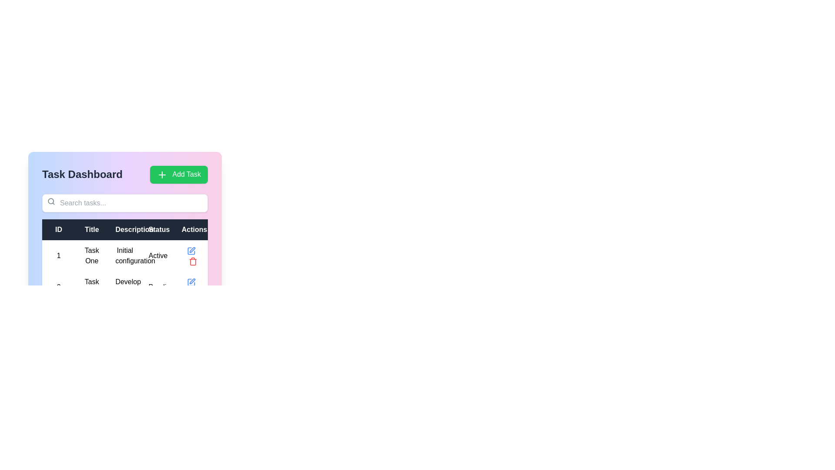  What do you see at coordinates (124, 255) in the screenshot?
I see `the text label displaying 'Initial configuration' in the third column of the first row of the Task Dashboard table` at bounding box center [124, 255].